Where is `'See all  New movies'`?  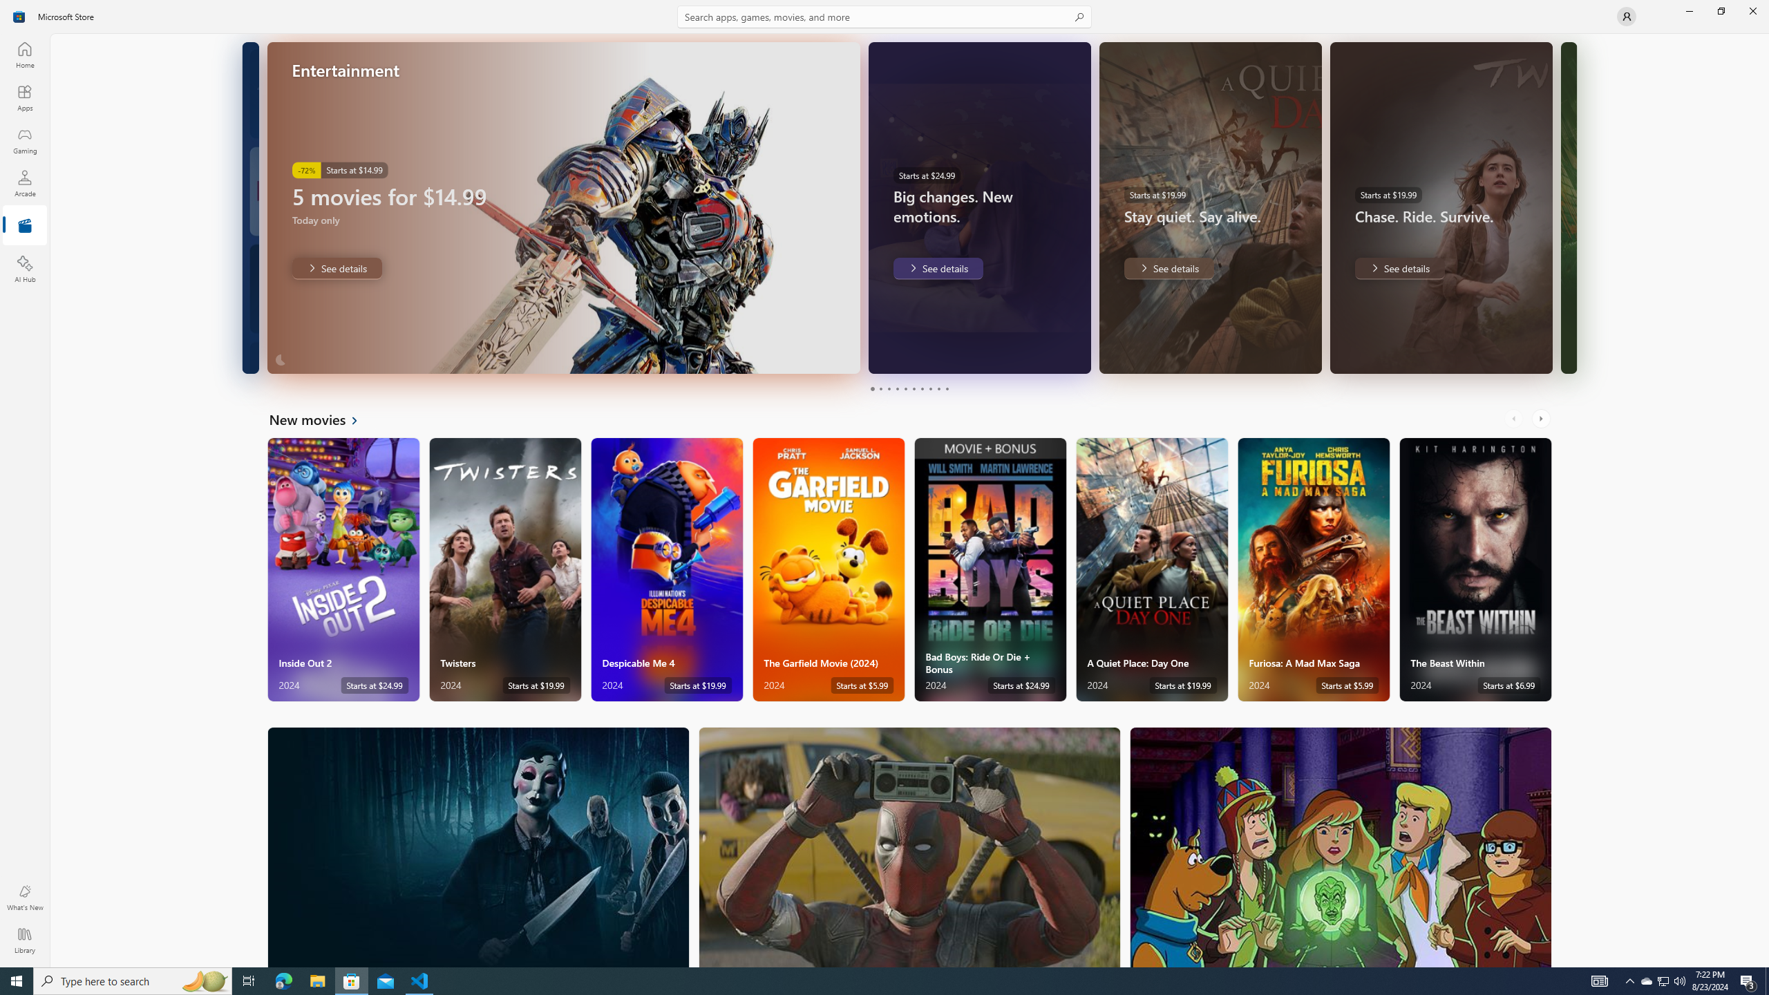 'See all  New movies' is located at coordinates (321, 418).